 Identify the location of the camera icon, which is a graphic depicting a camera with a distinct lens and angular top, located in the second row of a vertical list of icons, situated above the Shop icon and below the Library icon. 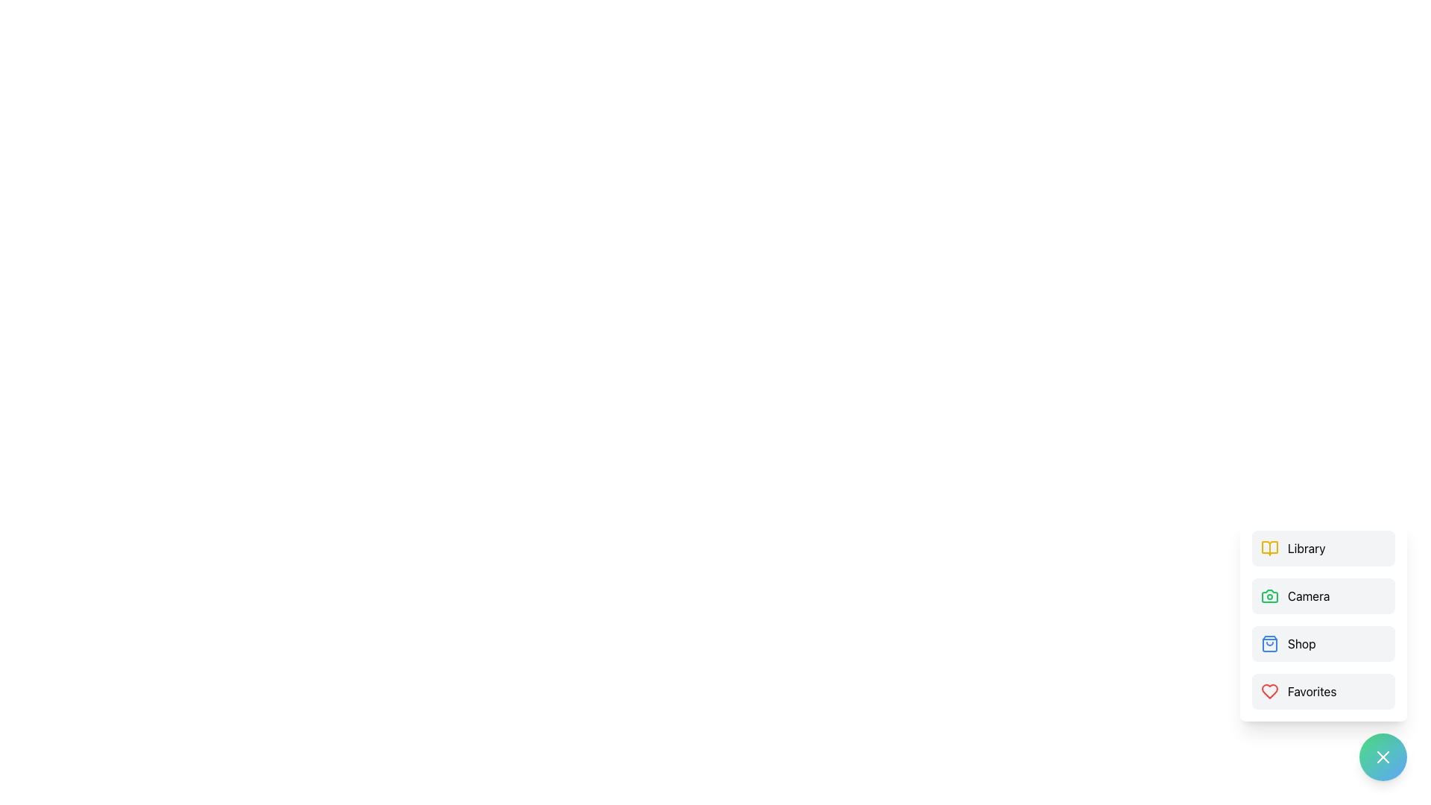
(1269, 595).